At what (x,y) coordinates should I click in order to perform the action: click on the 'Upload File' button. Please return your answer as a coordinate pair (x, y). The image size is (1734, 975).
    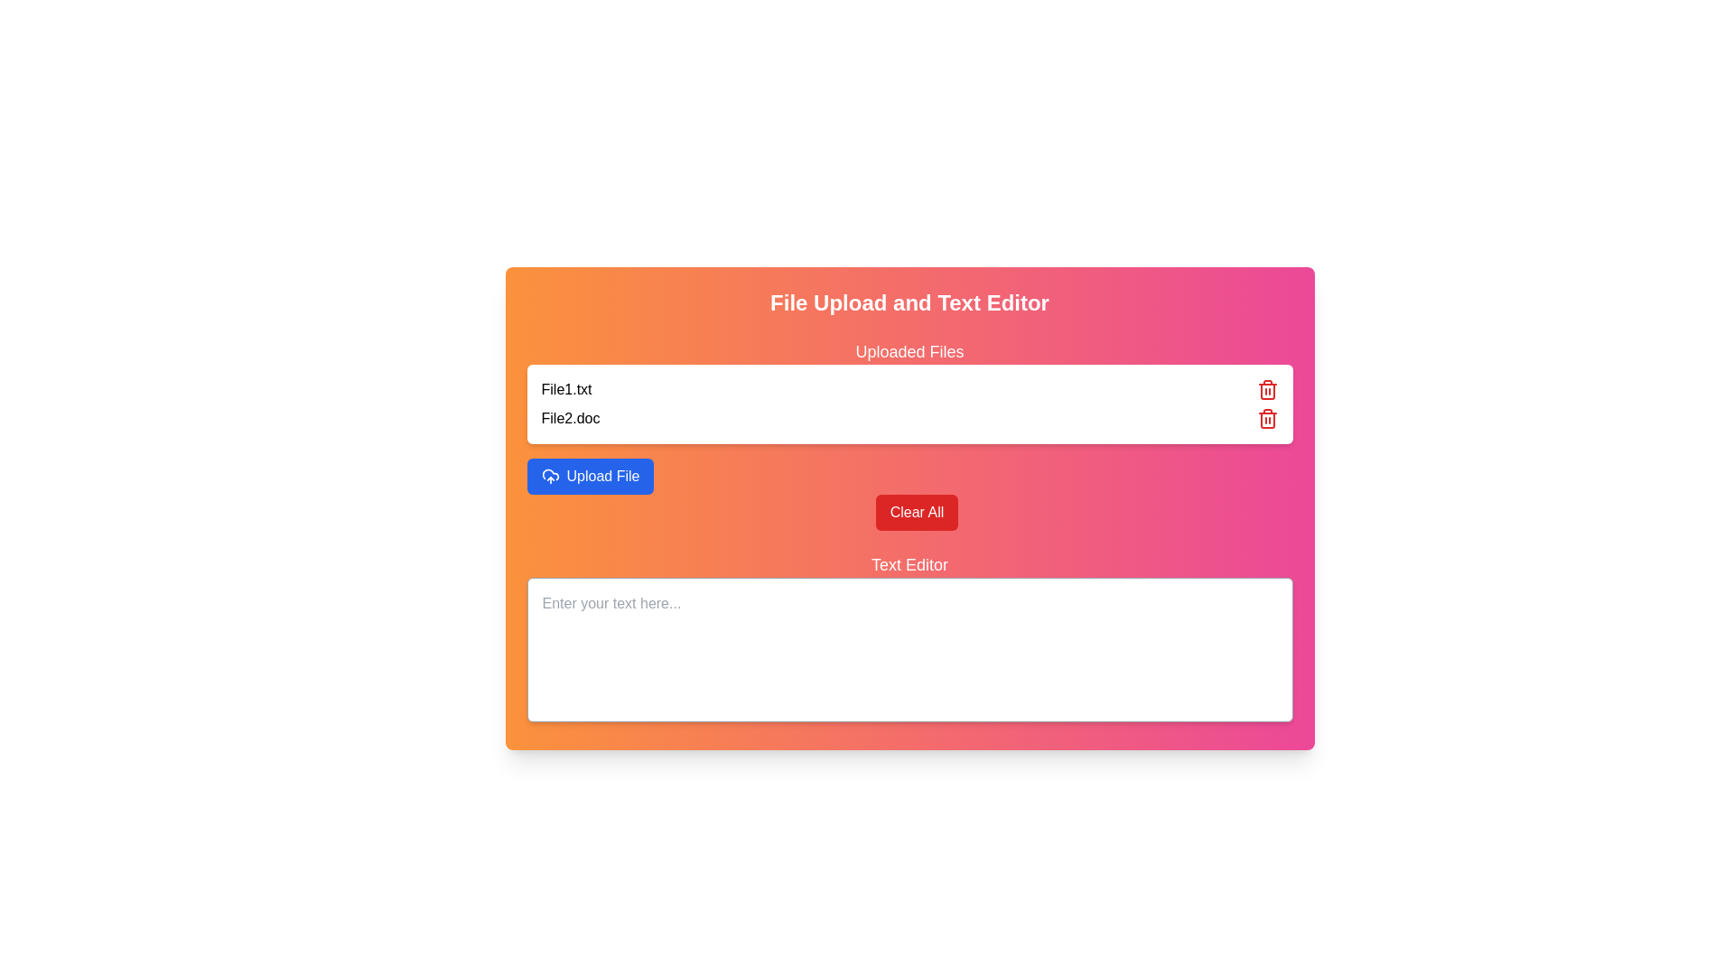
    Looking at the image, I should click on (602, 476).